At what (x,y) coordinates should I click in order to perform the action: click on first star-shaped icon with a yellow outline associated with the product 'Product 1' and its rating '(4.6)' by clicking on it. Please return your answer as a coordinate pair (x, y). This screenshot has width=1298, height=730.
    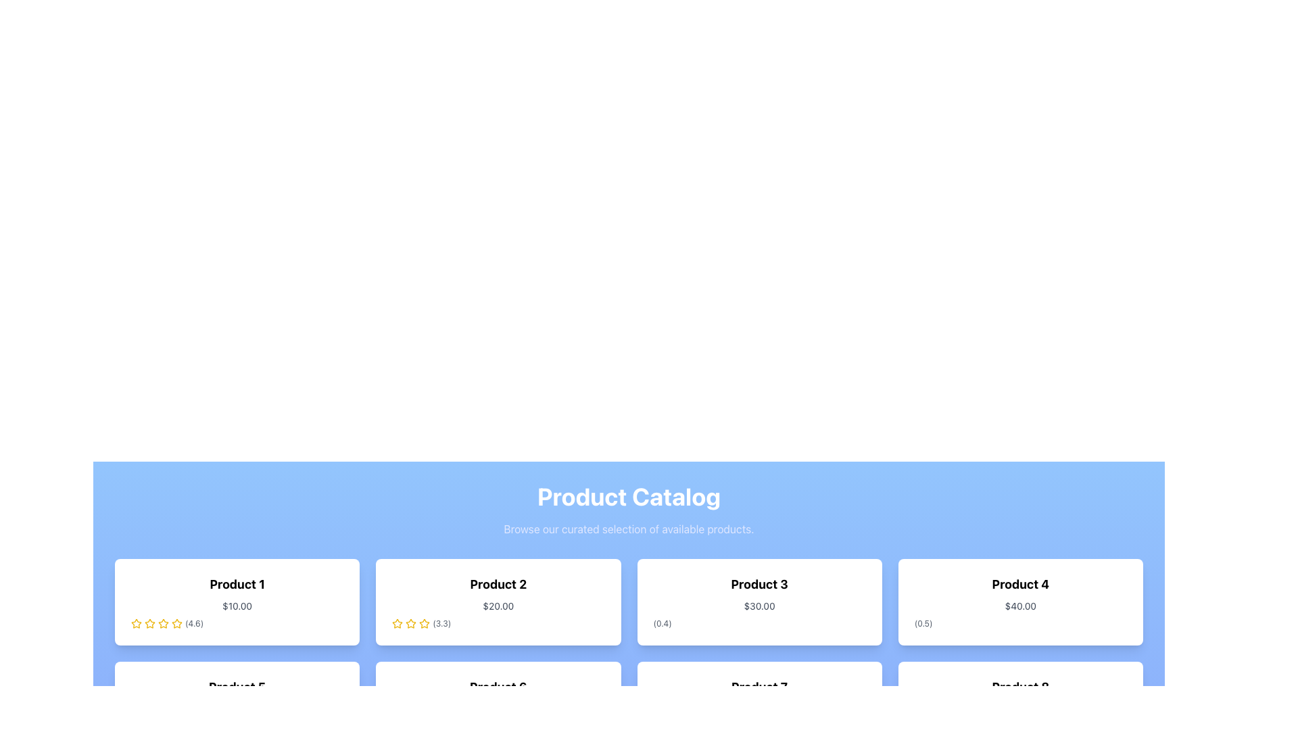
    Looking at the image, I should click on (136, 623).